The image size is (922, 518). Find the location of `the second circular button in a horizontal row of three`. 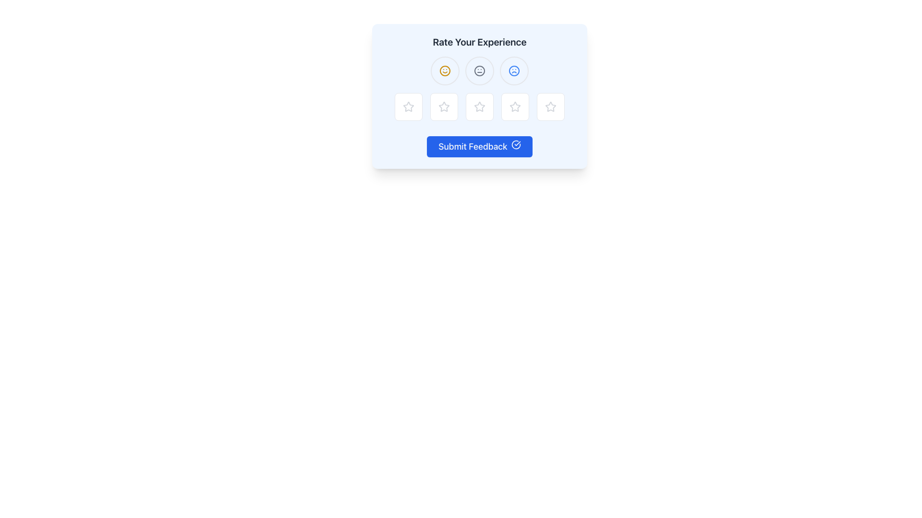

the second circular button in a horizontal row of three is located at coordinates (479, 70).